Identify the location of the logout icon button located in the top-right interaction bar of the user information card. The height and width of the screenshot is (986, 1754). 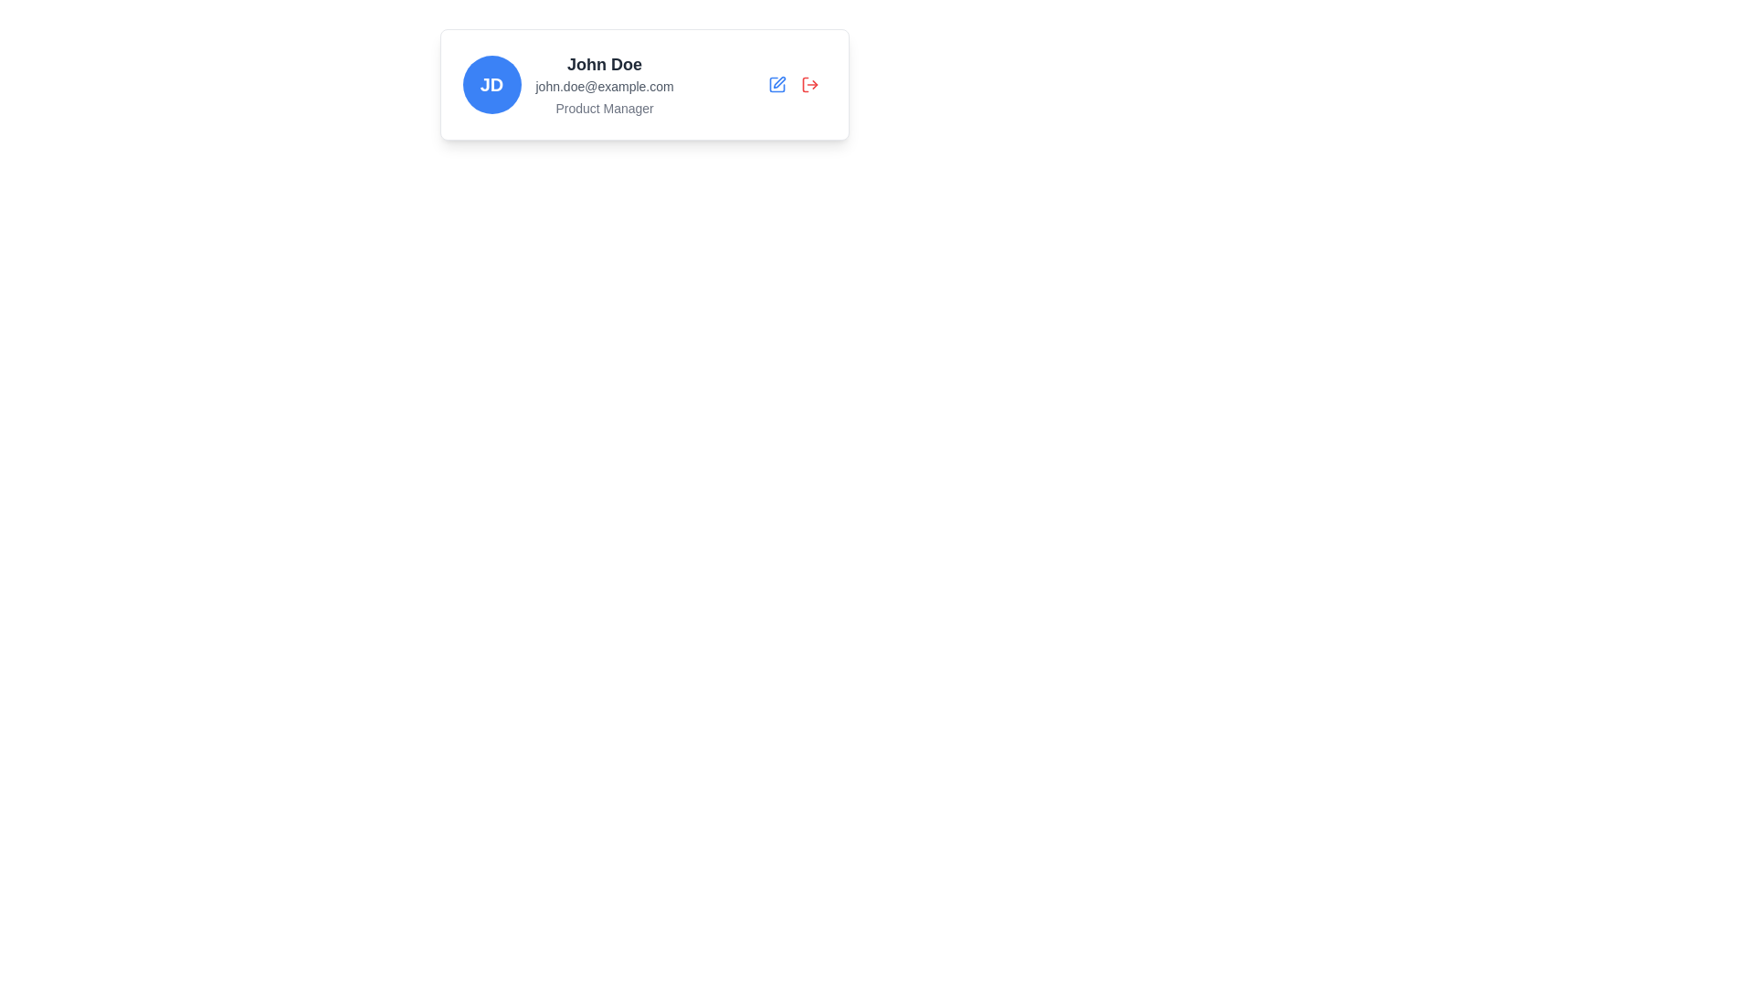
(808, 84).